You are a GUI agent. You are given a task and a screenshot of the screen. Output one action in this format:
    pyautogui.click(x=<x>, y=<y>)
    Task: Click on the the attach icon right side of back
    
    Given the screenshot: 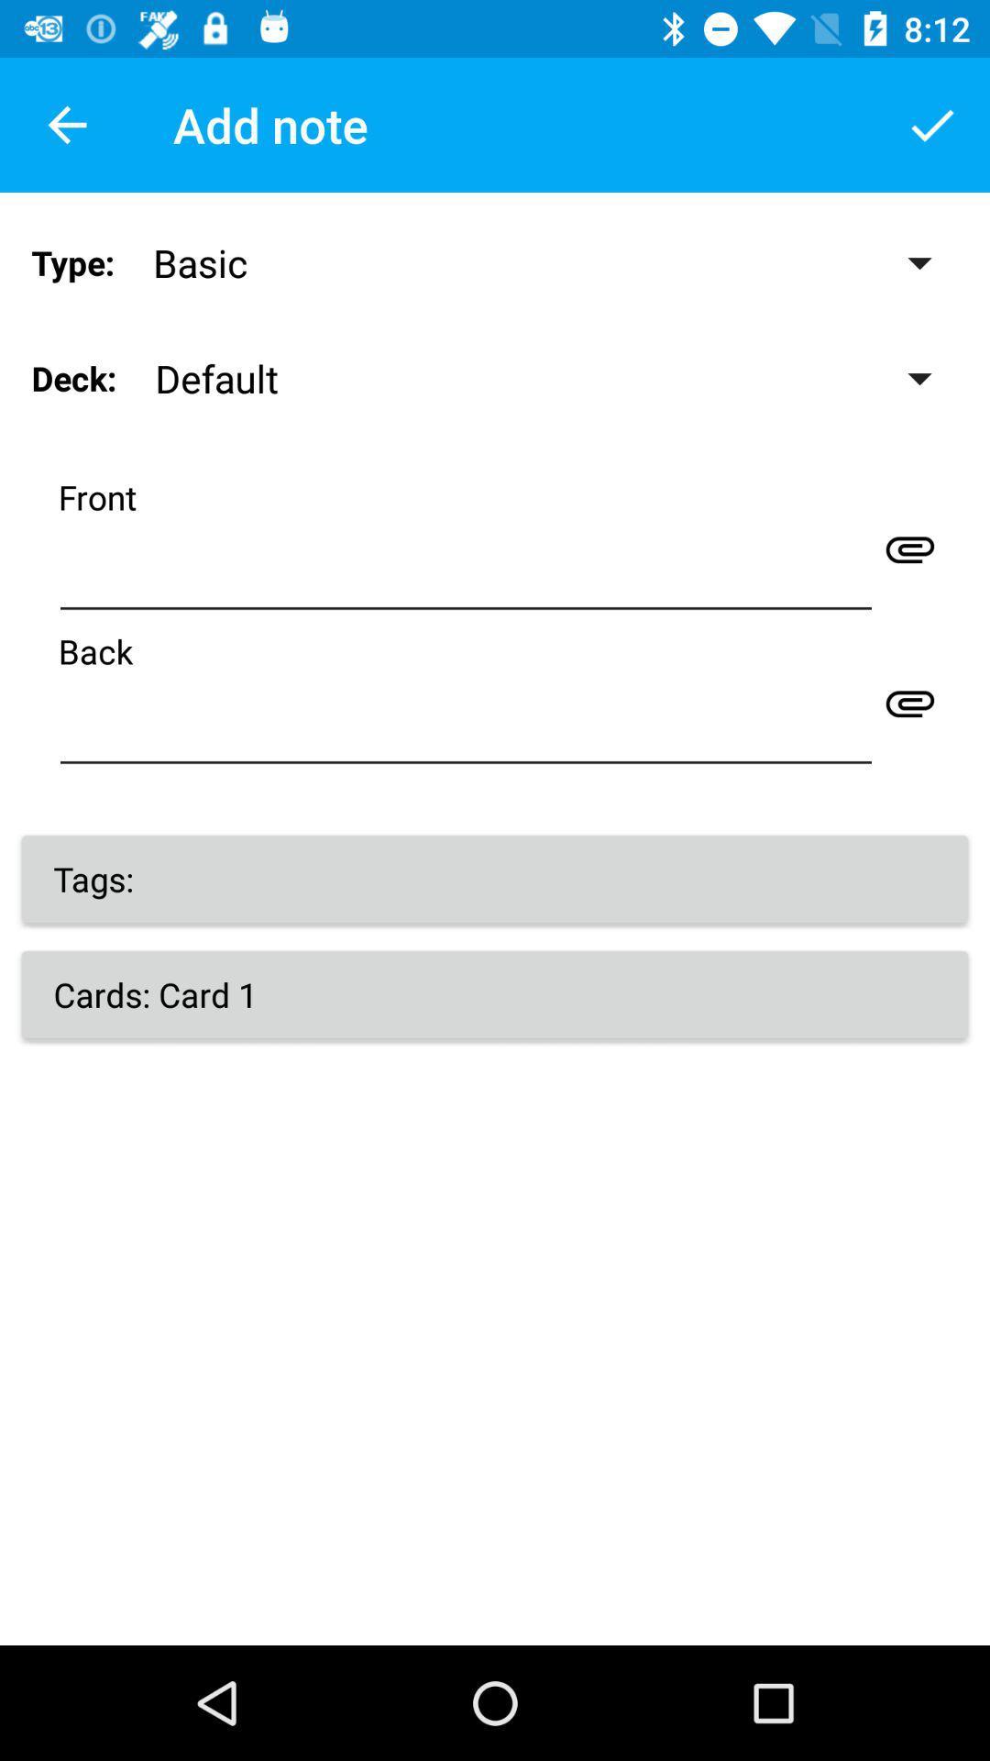 What is the action you would take?
    pyautogui.click(x=910, y=702)
    